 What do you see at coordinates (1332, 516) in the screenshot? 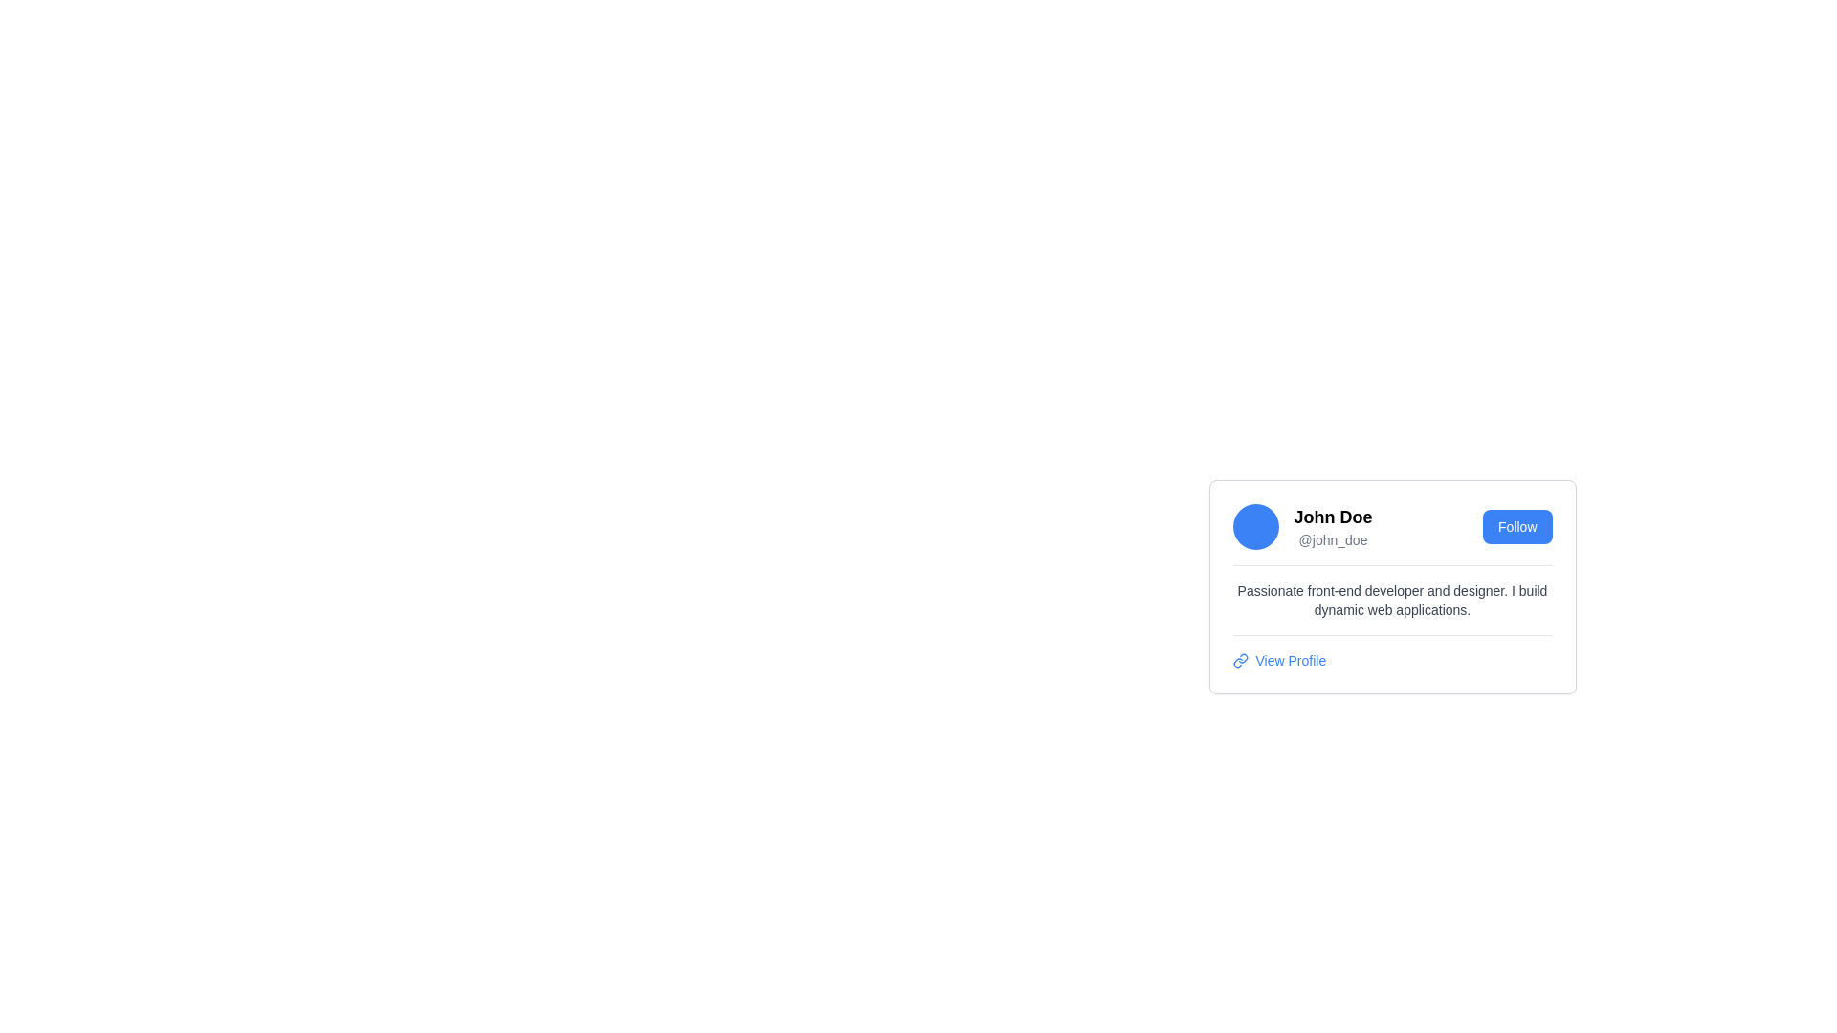
I see `displayed text 'John Doe' which is in bold and large font, located in the top-left corner of the profile card layout` at bounding box center [1332, 516].